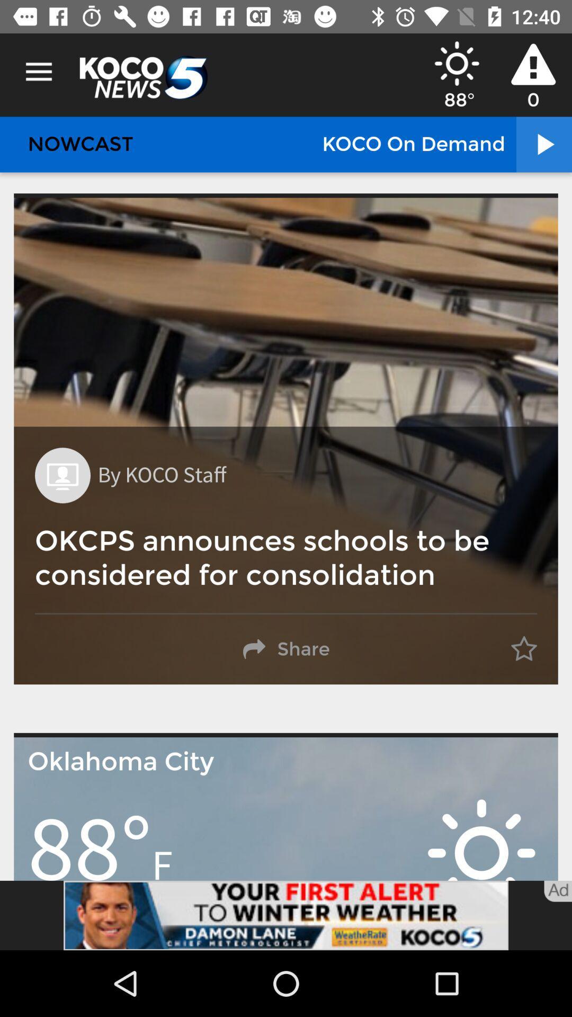  I want to click on the menu icon, so click(38, 72).